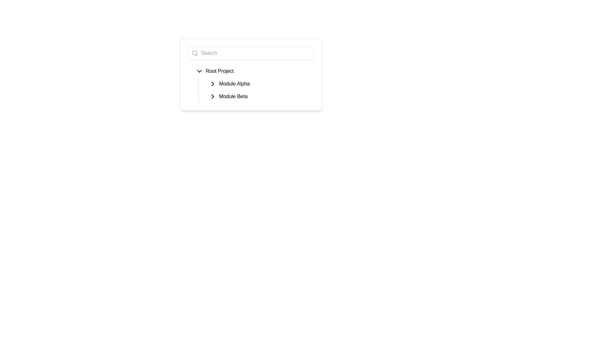 This screenshot has width=608, height=342. What do you see at coordinates (213, 96) in the screenshot?
I see `the small right-pointing chevron icon next to the 'Module Beta' label` at bounding box center [213, 96].